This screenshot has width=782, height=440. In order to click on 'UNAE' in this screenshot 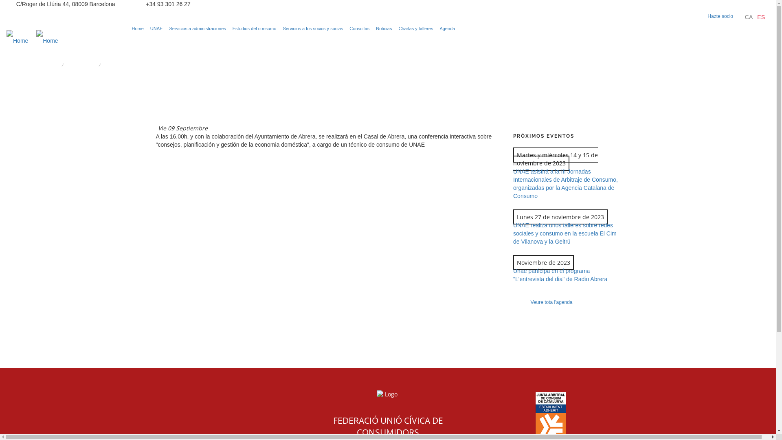, I will do `click(148, 28)`.